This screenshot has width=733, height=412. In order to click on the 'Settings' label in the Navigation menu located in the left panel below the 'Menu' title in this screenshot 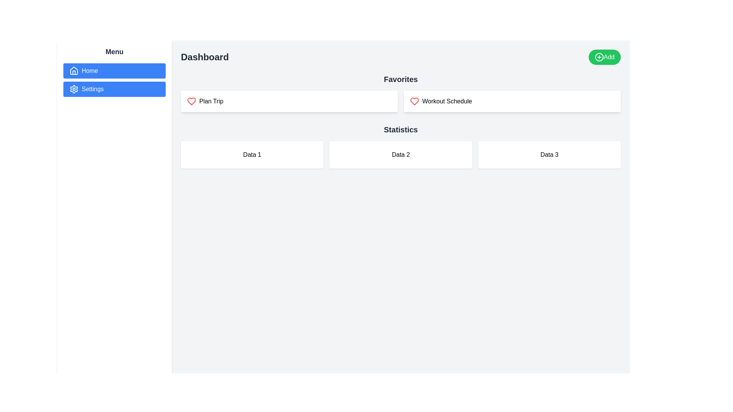, I will do `click(114, 80)`.